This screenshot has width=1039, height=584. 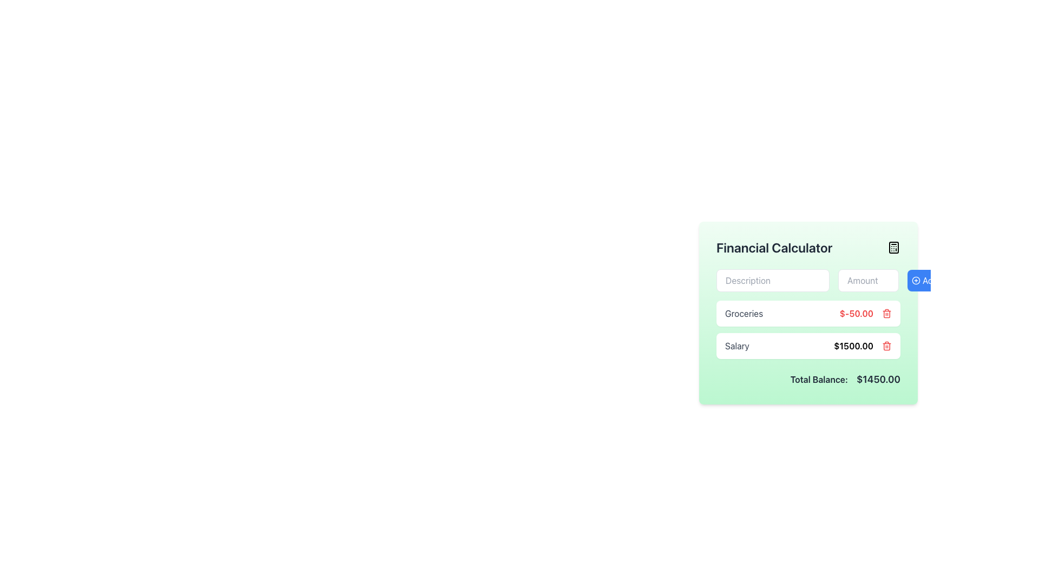 I want to click on the Text label representing a financial value in red, indicating a debit or expense, located to the right of the 'Groceries' label, so click(x=865, y=313).